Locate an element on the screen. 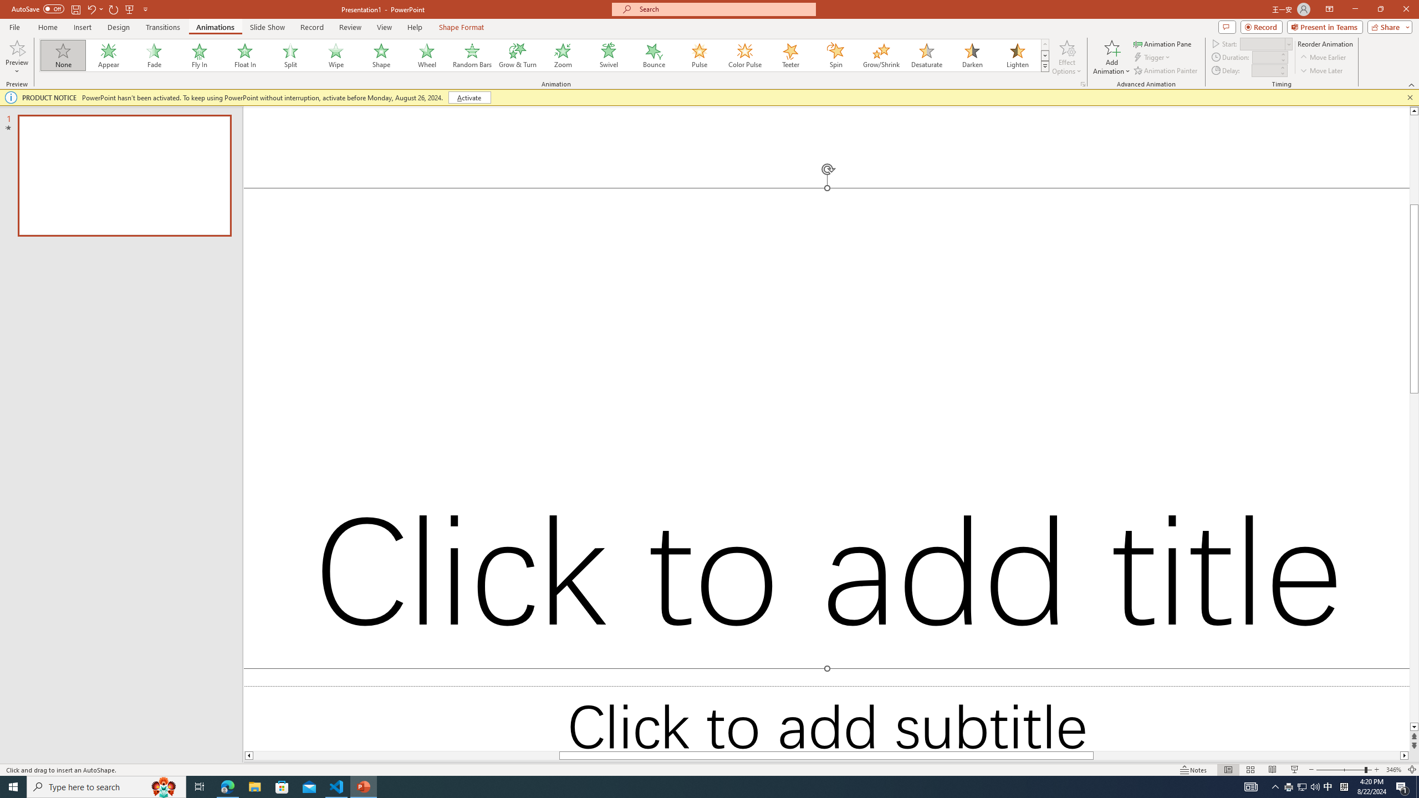  'Trigger' is located at coordinates (1152, 57).